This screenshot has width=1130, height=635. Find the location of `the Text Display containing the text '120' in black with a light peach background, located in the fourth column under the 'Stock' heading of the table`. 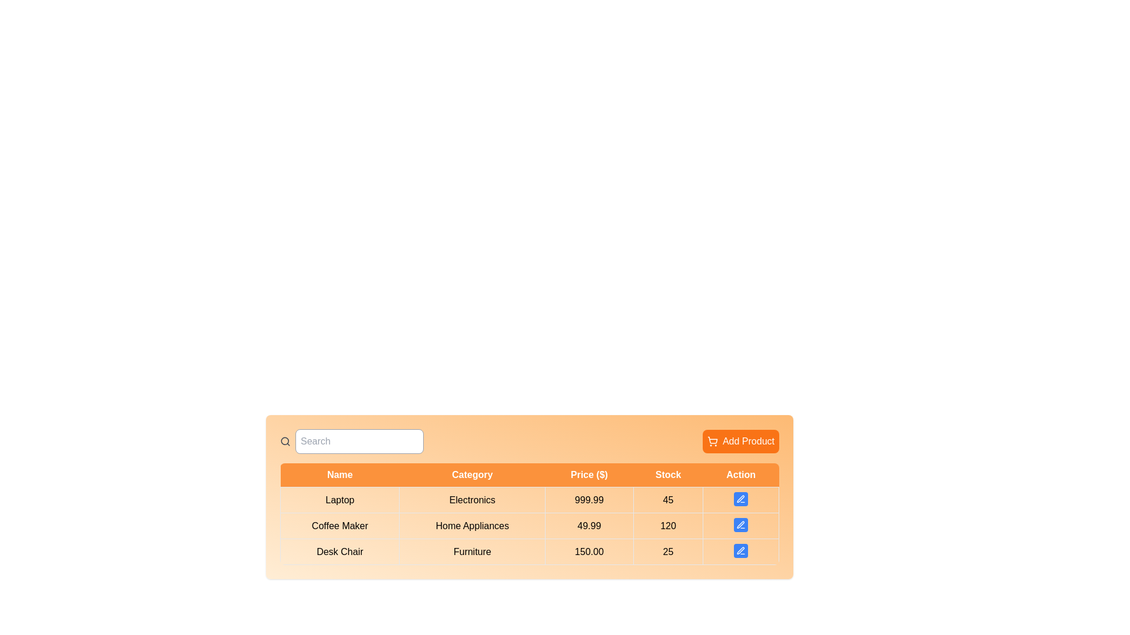

the Text Display containing the text '120' in black with a light peach background, located in the fourth column under the 'Stock' heading of the table is located at coordinates (668, 525).